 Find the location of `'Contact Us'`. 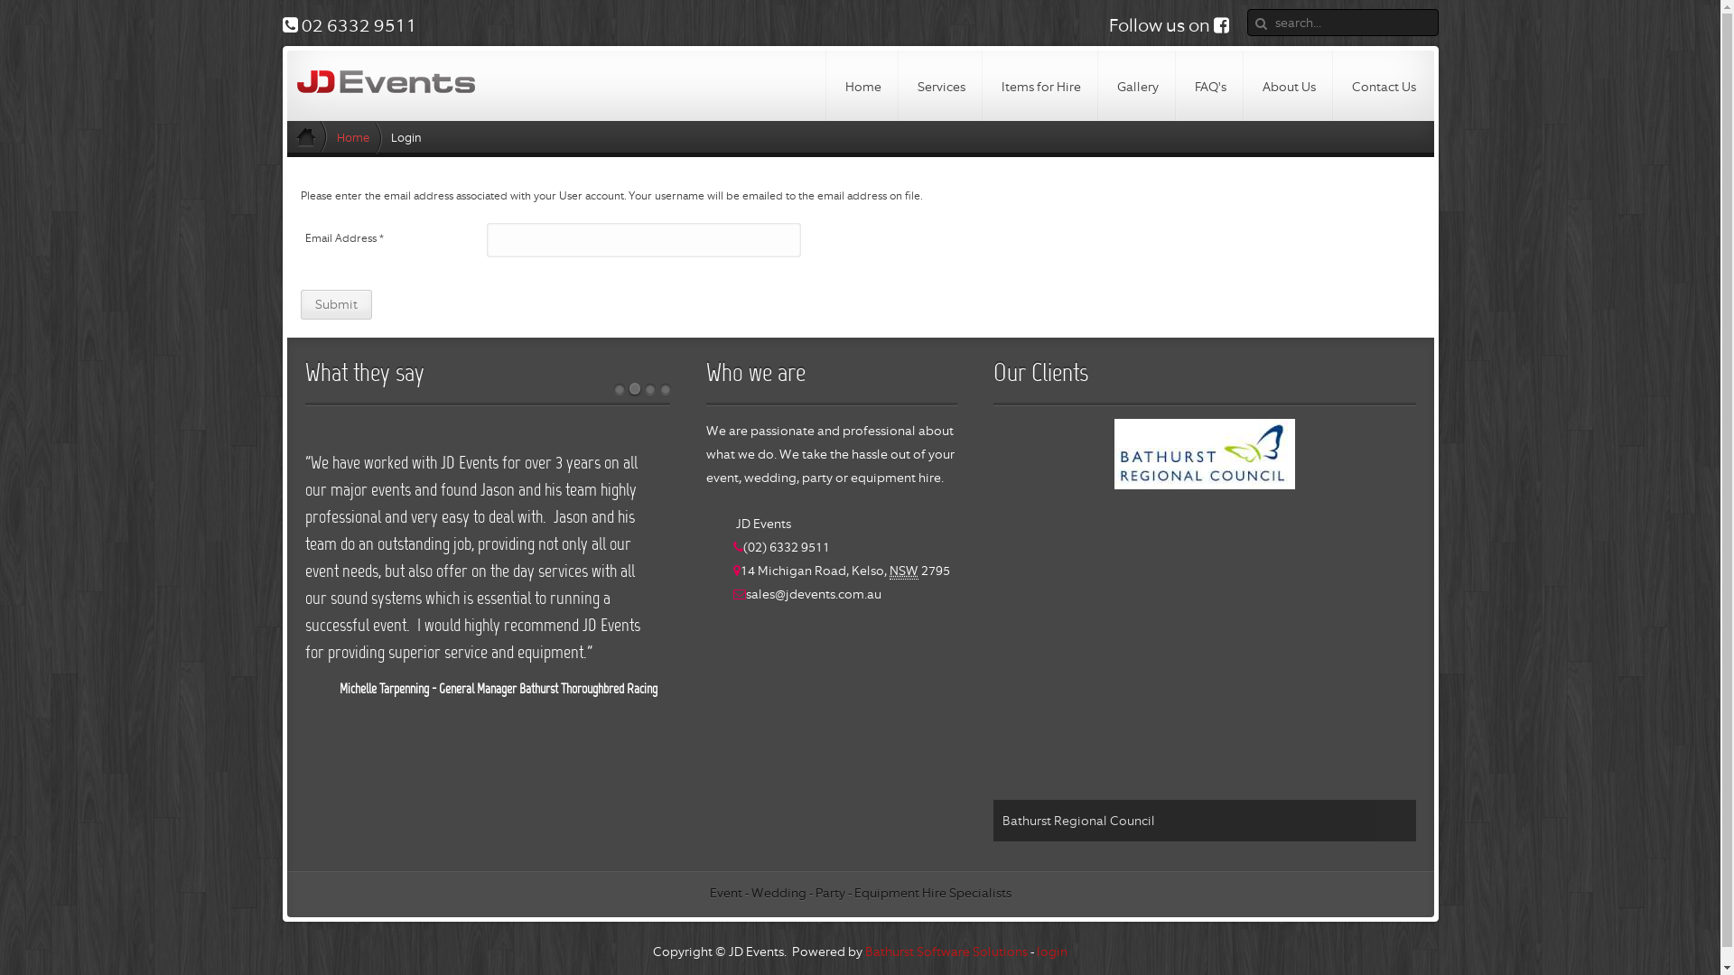

'Contact Us' is located at coordinates (1382, 86).